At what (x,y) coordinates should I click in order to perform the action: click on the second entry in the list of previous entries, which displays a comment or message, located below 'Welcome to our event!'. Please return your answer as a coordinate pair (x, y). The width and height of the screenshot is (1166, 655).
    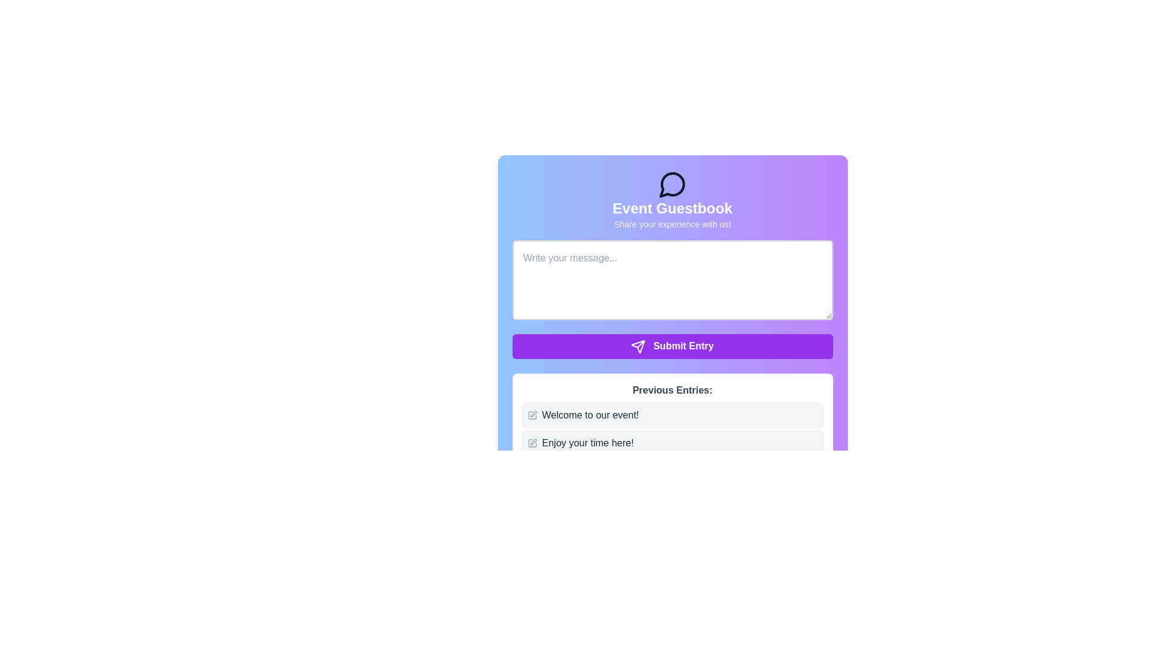
    Looking at the image, I should click on (672, 443).